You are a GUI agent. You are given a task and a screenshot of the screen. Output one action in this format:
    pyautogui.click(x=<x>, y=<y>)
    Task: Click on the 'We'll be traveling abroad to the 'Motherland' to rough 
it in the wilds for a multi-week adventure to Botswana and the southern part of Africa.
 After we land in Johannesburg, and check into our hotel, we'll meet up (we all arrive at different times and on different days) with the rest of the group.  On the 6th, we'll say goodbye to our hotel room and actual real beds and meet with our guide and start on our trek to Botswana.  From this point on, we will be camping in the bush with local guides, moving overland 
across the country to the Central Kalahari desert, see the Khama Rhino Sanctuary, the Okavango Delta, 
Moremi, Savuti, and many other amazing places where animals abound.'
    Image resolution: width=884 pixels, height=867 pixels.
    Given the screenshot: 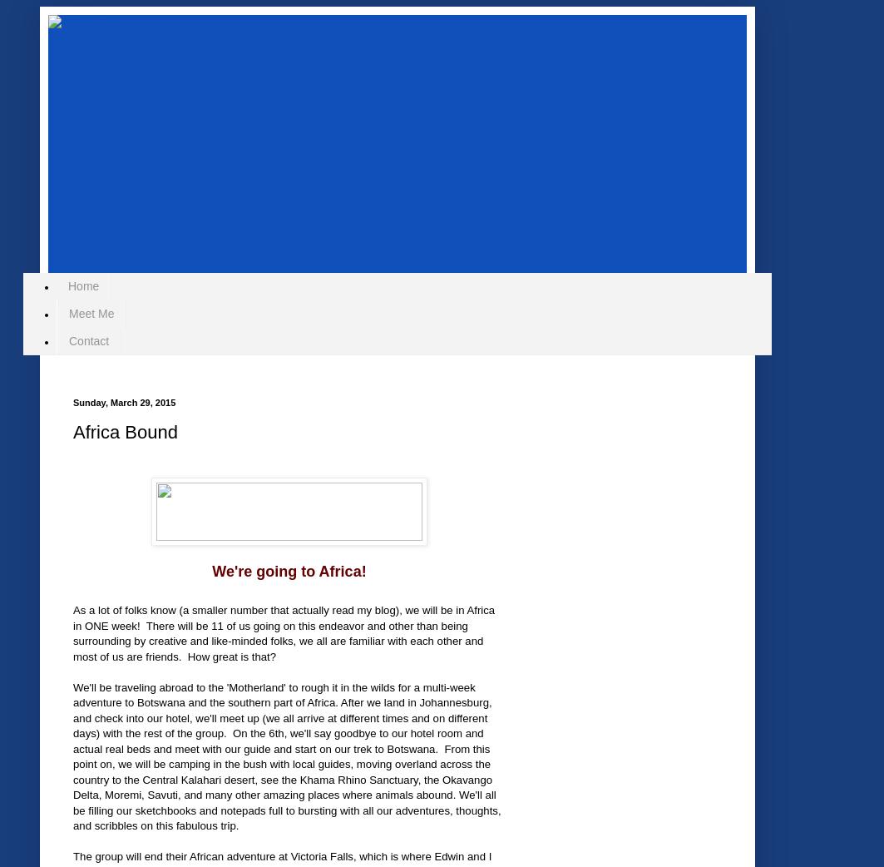 What is the action you would take?
    pyautogui.click(x=282, y=740)
    